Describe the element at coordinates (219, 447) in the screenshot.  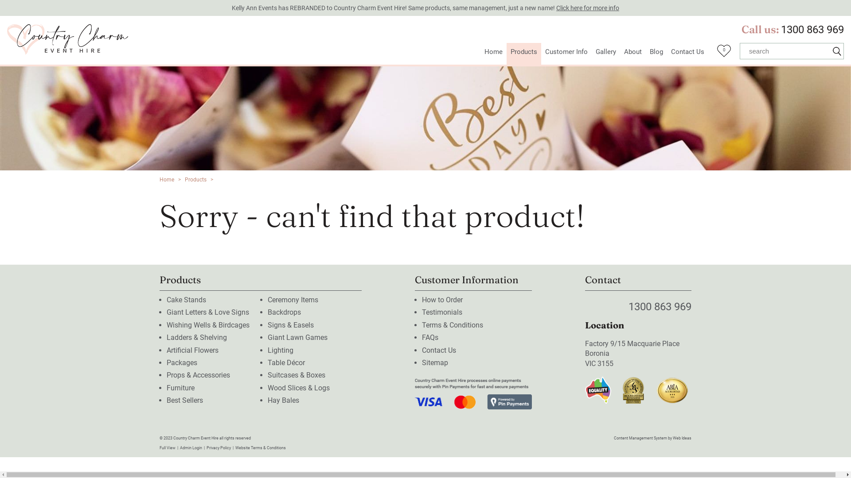
I see `'Privacy Policy'` at that location.